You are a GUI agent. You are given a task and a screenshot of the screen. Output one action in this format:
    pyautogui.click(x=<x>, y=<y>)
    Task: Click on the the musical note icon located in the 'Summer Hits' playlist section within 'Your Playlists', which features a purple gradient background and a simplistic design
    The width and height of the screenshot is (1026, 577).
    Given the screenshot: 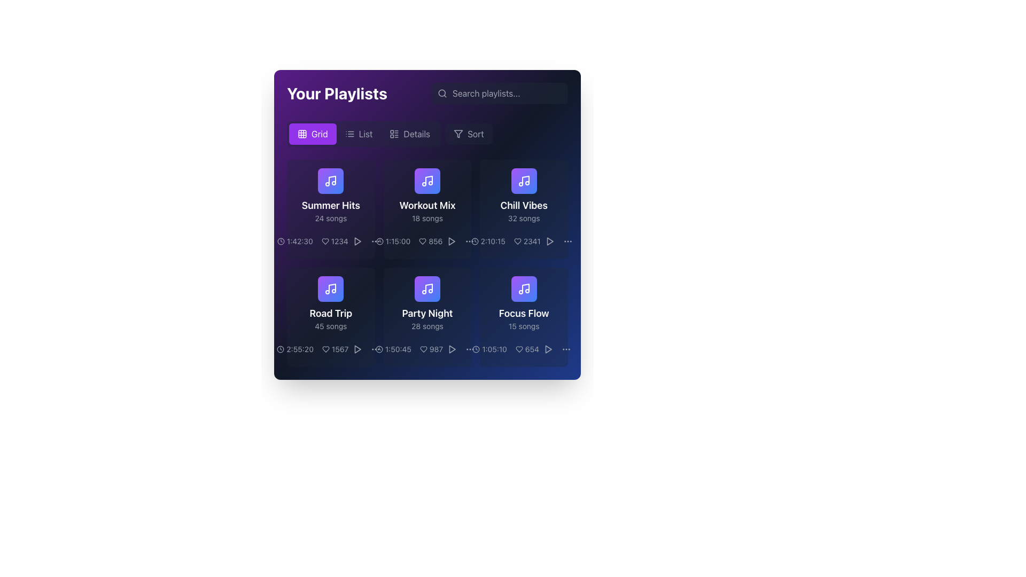 What is the action you would take?
    pyautogui.click(x=330, y=288)
    